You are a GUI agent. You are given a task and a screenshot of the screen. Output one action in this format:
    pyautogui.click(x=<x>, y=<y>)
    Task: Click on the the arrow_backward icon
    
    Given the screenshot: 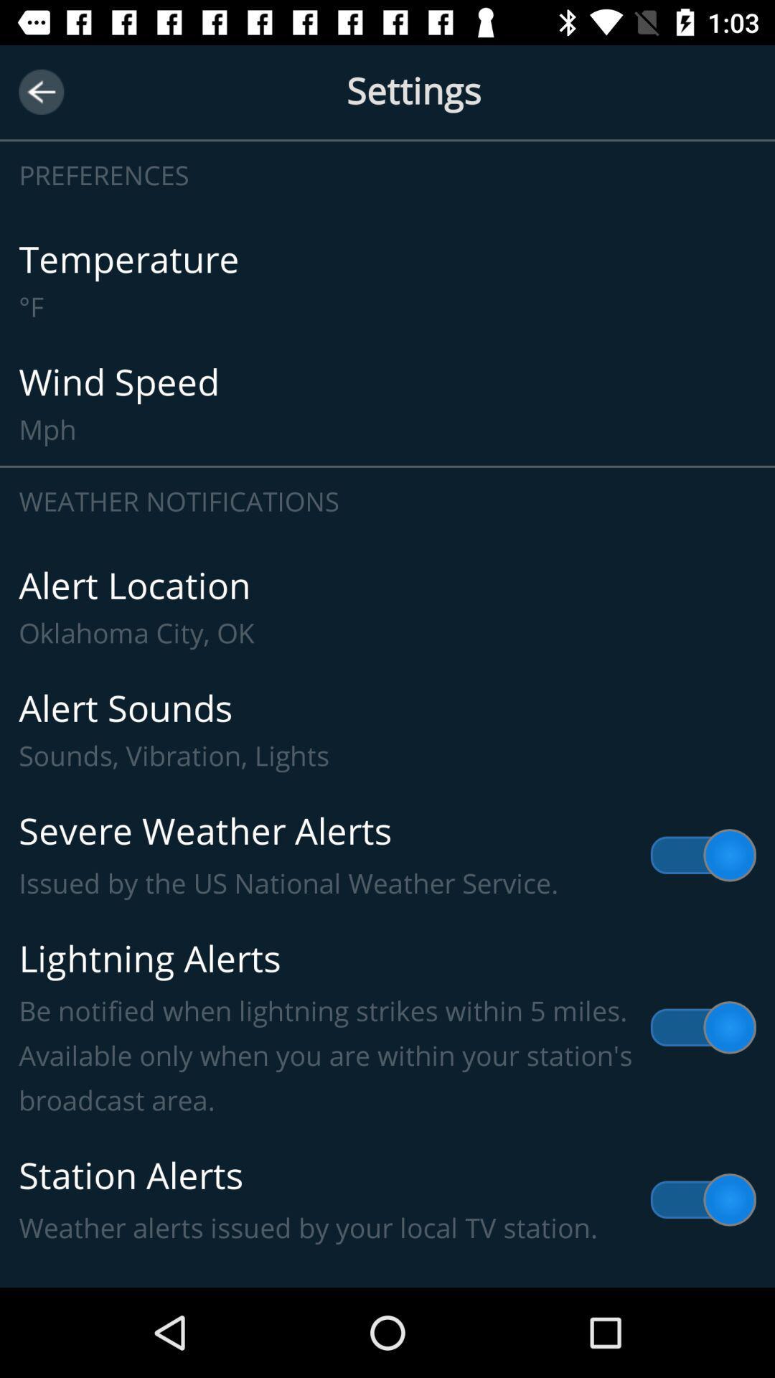 What is the action you would take?
    pyautogui.click(x=40, y=91)
    